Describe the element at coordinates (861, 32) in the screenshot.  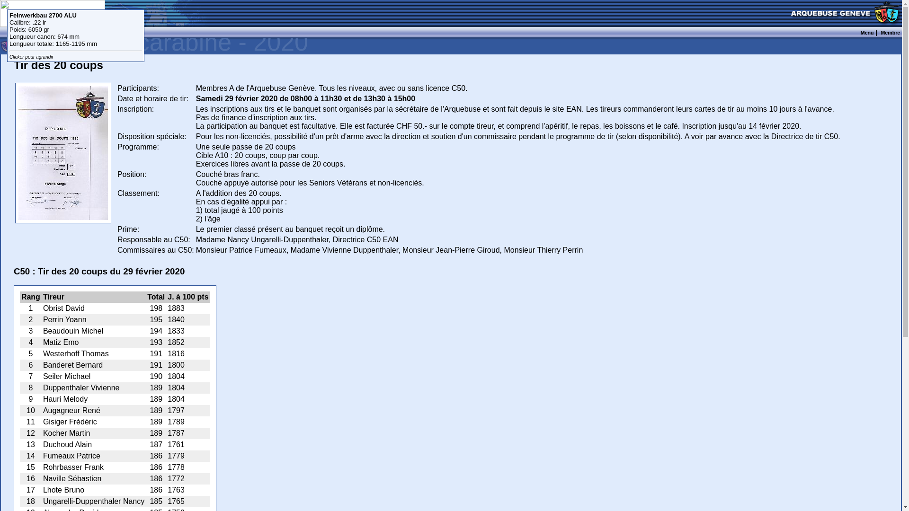
I see `'Menu'` at that location.